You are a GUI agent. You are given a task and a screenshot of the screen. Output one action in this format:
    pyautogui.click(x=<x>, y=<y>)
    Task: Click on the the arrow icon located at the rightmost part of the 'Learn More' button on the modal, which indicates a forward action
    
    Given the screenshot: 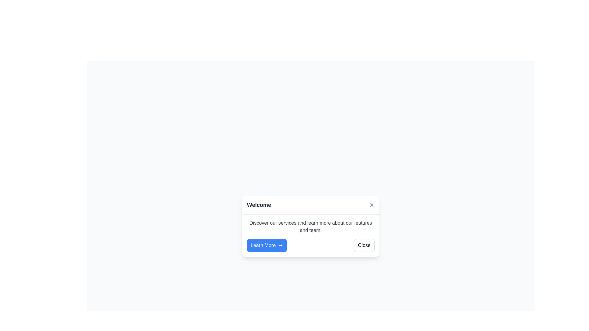 What is the action you would take?
    pyautogui.click(x=280, y=245)
    